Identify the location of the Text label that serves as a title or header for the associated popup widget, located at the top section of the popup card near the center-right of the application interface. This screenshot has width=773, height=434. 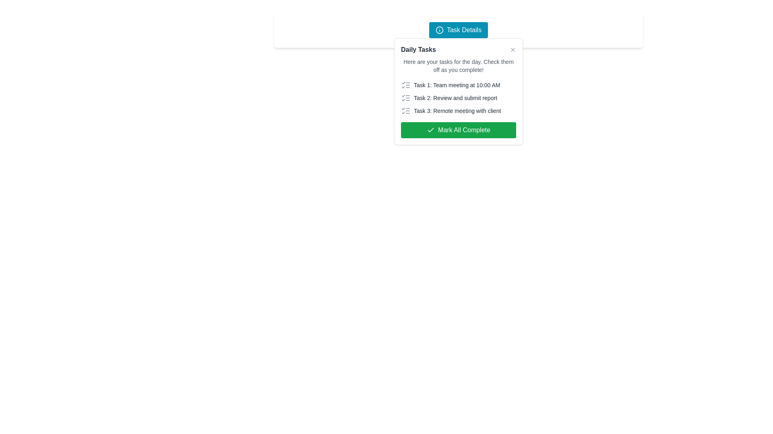
(418, 49).